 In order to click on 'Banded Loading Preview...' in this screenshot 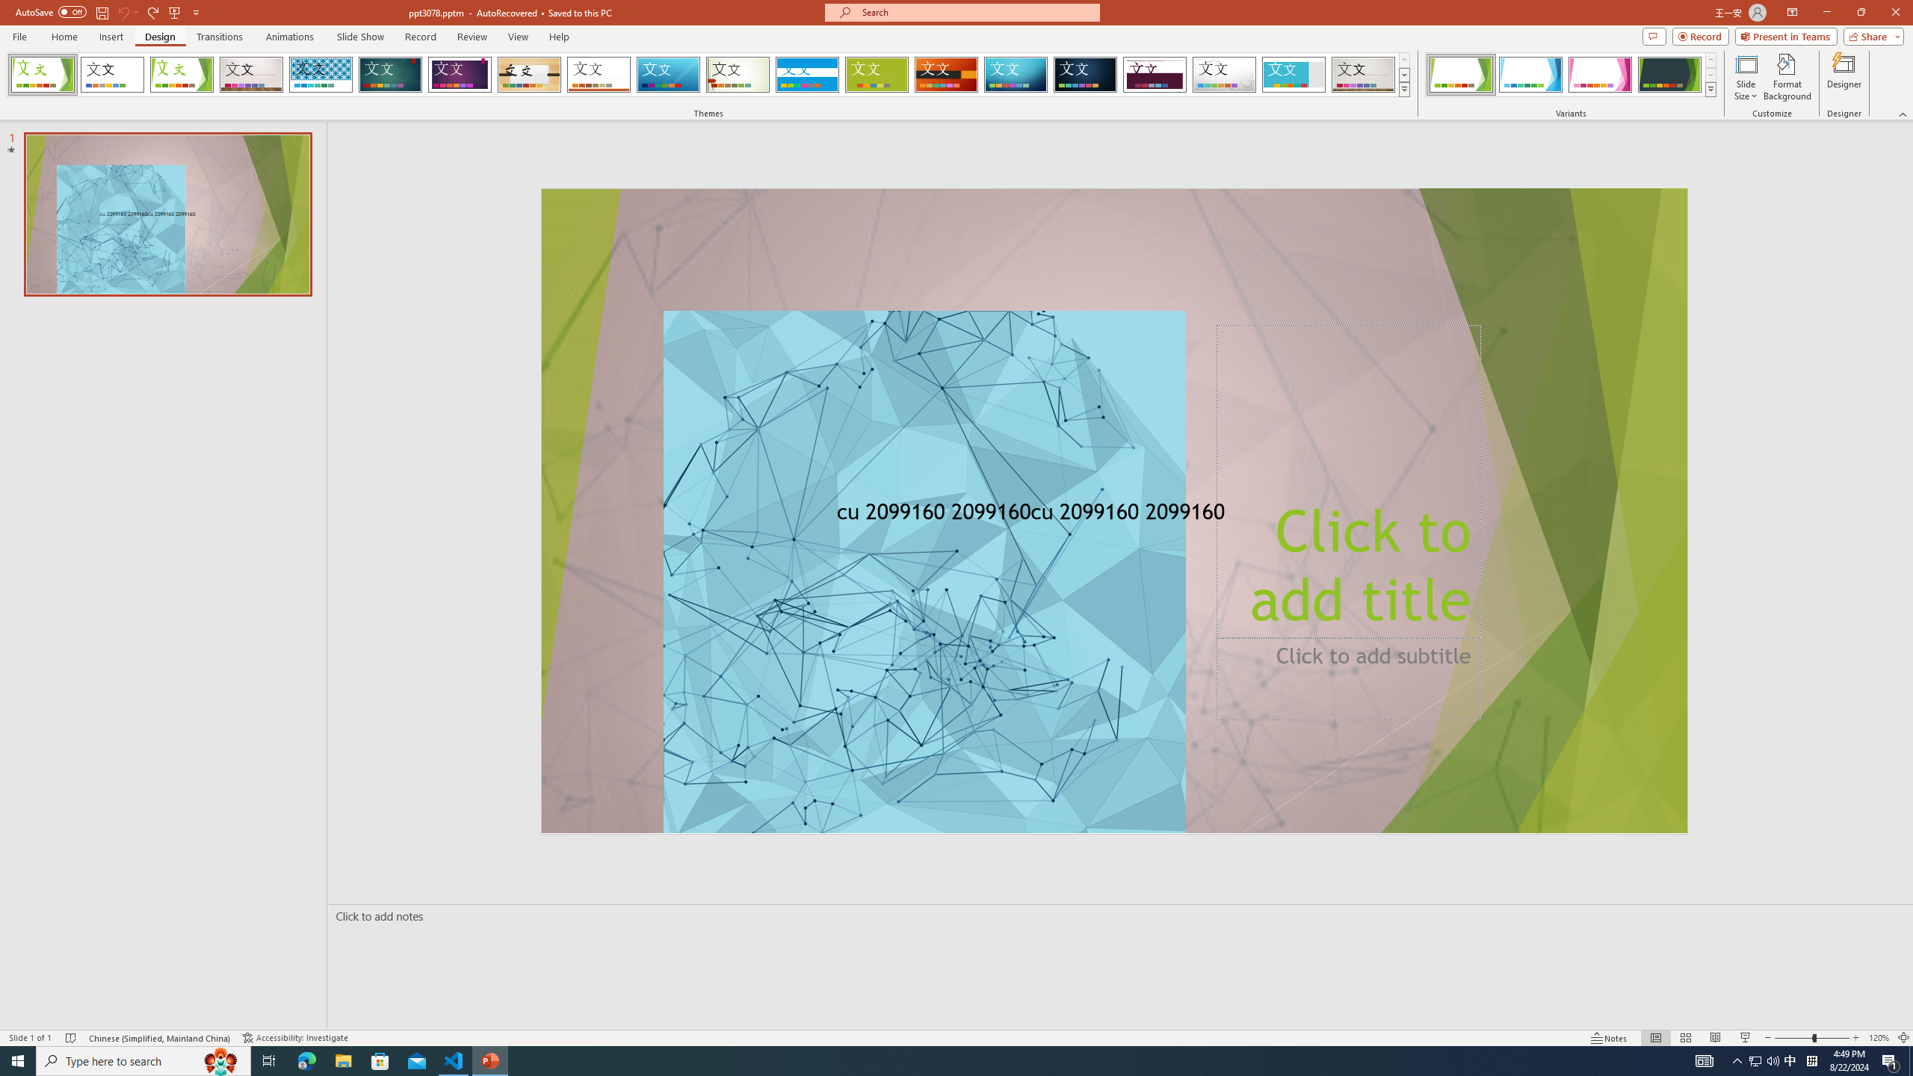, I will do `click(807, 74)`.